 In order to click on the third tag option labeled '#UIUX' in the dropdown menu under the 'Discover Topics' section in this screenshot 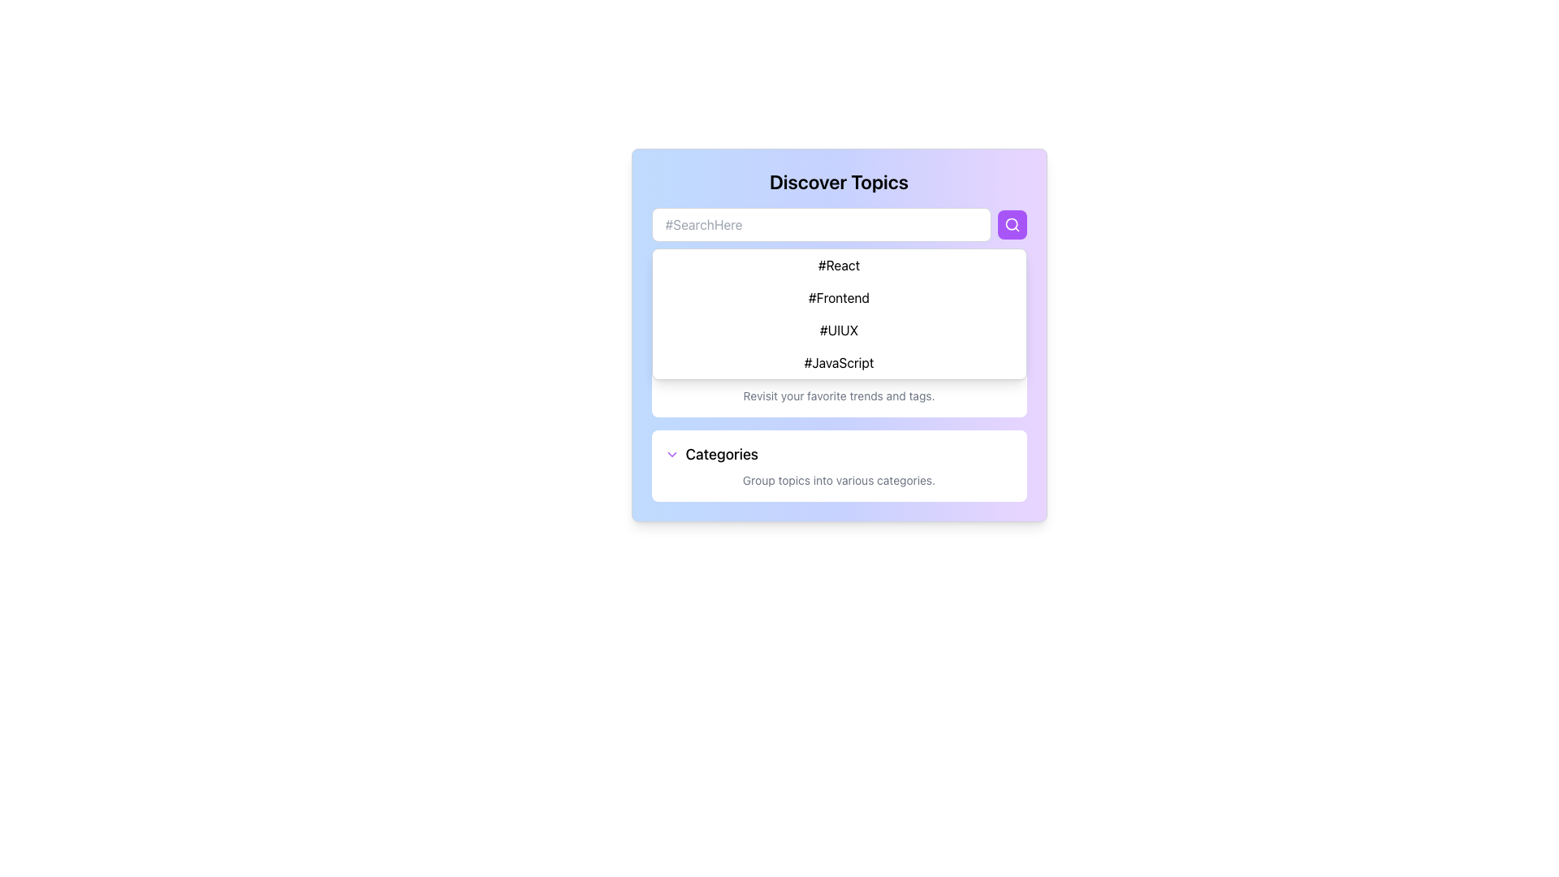, I will do `click(839, 330)`.